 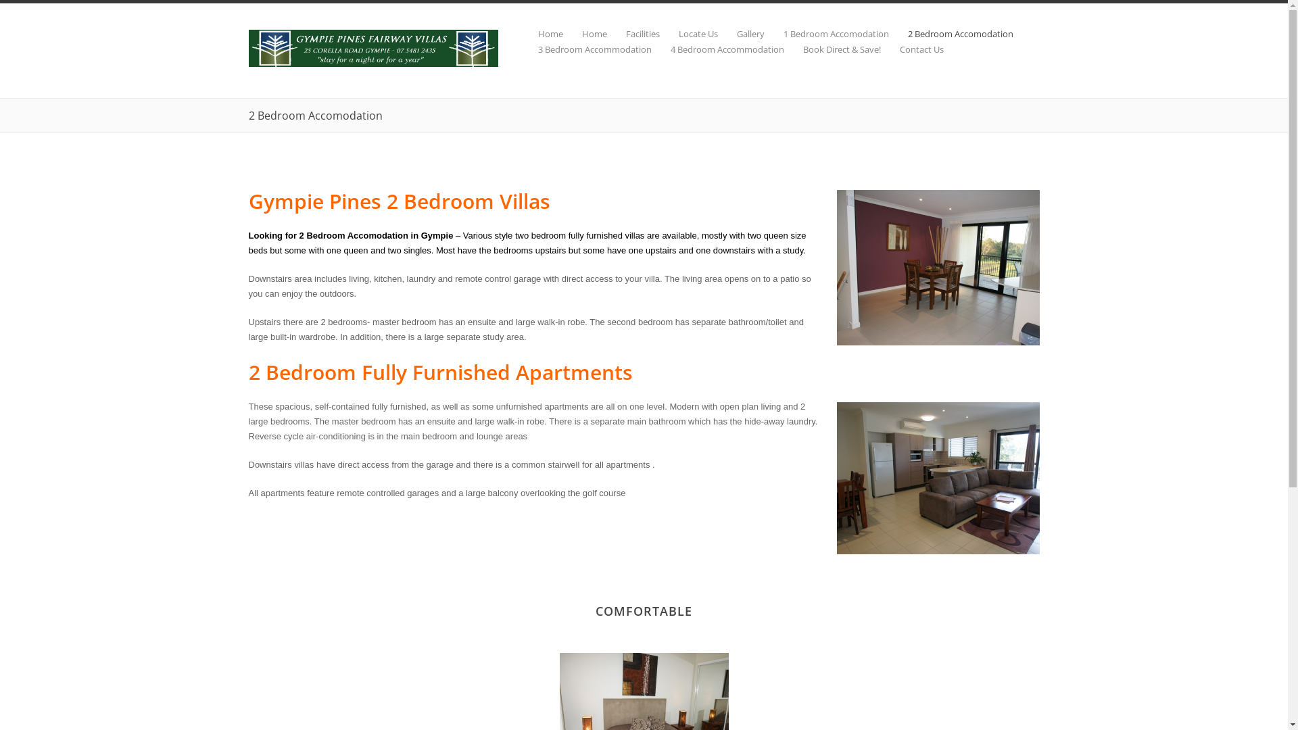 I want to click on 'Home', so click(x=584, y=33).